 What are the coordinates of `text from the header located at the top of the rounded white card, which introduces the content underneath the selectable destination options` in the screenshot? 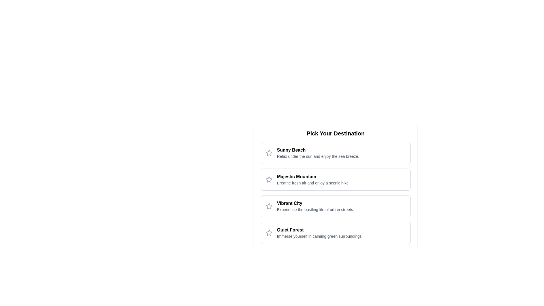 It's located at (335, 133).